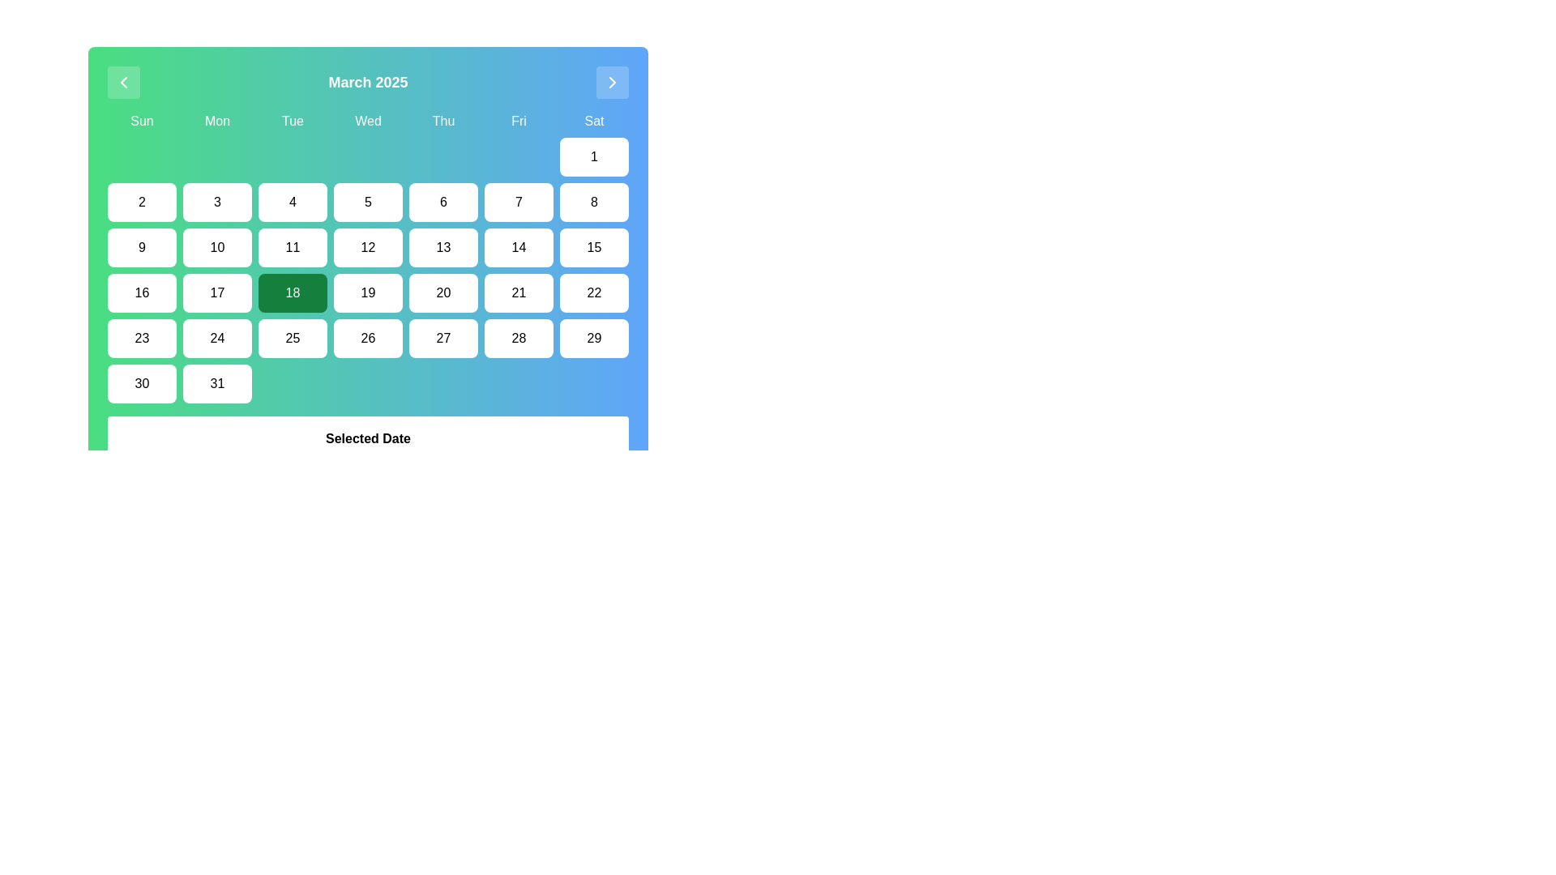 This screenshot has width=1556, height=875. Describe the element at coordinates (367, 202) in the screenshot. I see `the button styled as a calendar date cell displaying the number '5' located in the March 2025 calendar grid` at that location.